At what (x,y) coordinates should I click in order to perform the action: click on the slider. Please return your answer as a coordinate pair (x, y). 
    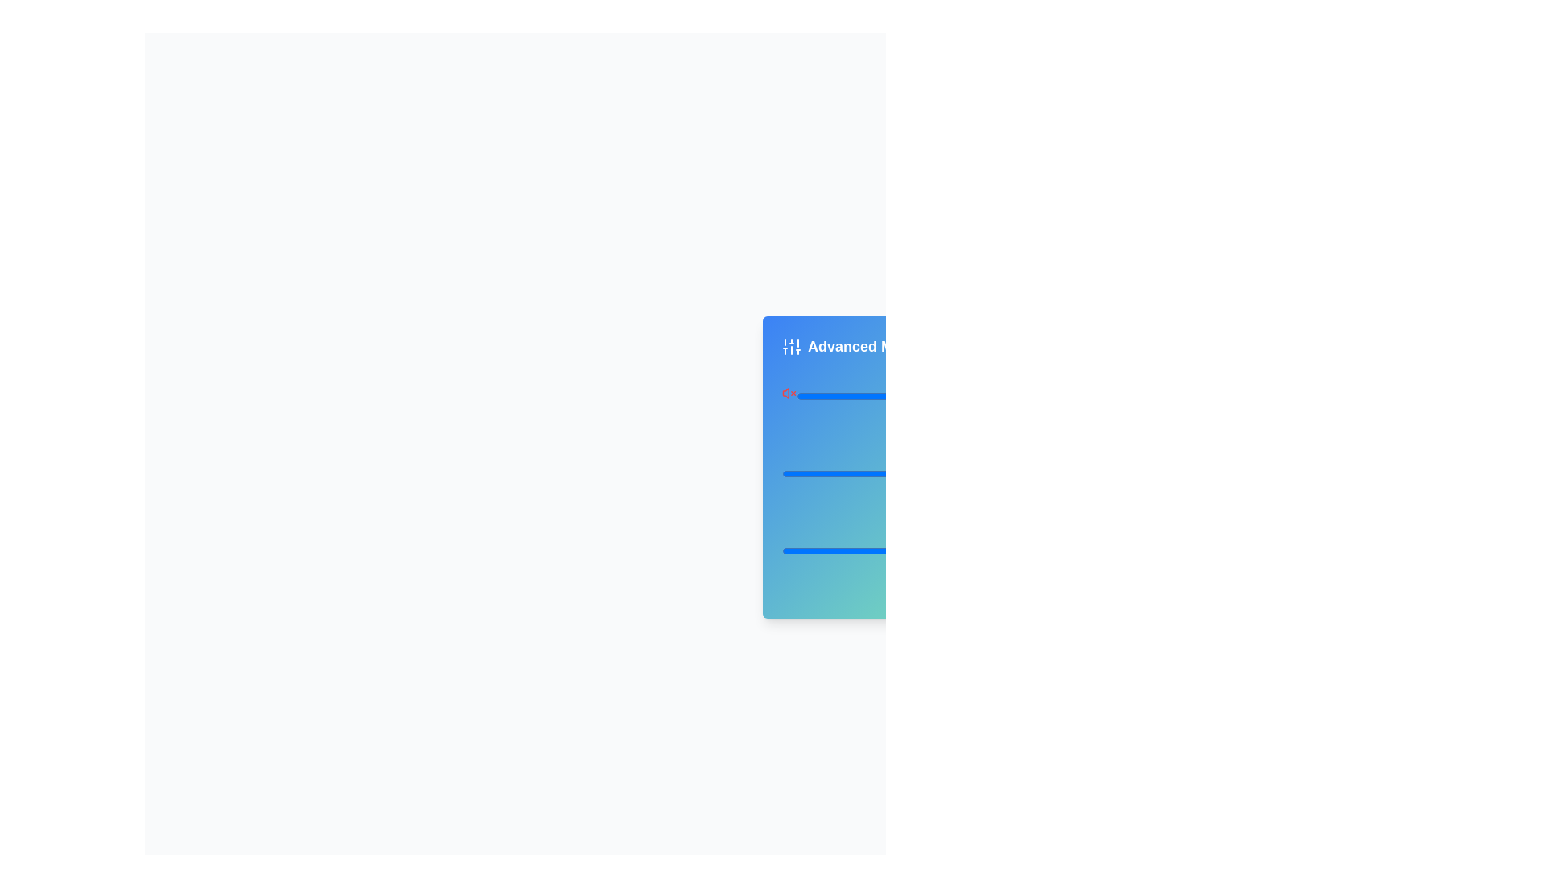
    Looking at the image, I should click on (908, 550).